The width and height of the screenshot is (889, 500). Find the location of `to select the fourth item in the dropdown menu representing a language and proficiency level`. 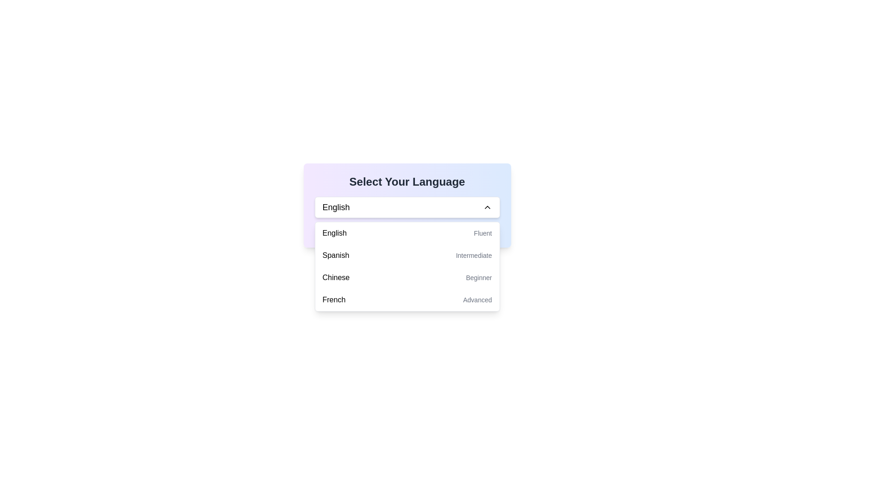

to select the fourth item in the dropdown menu representing a language and proficiency level is located at coordinates (407, 300).